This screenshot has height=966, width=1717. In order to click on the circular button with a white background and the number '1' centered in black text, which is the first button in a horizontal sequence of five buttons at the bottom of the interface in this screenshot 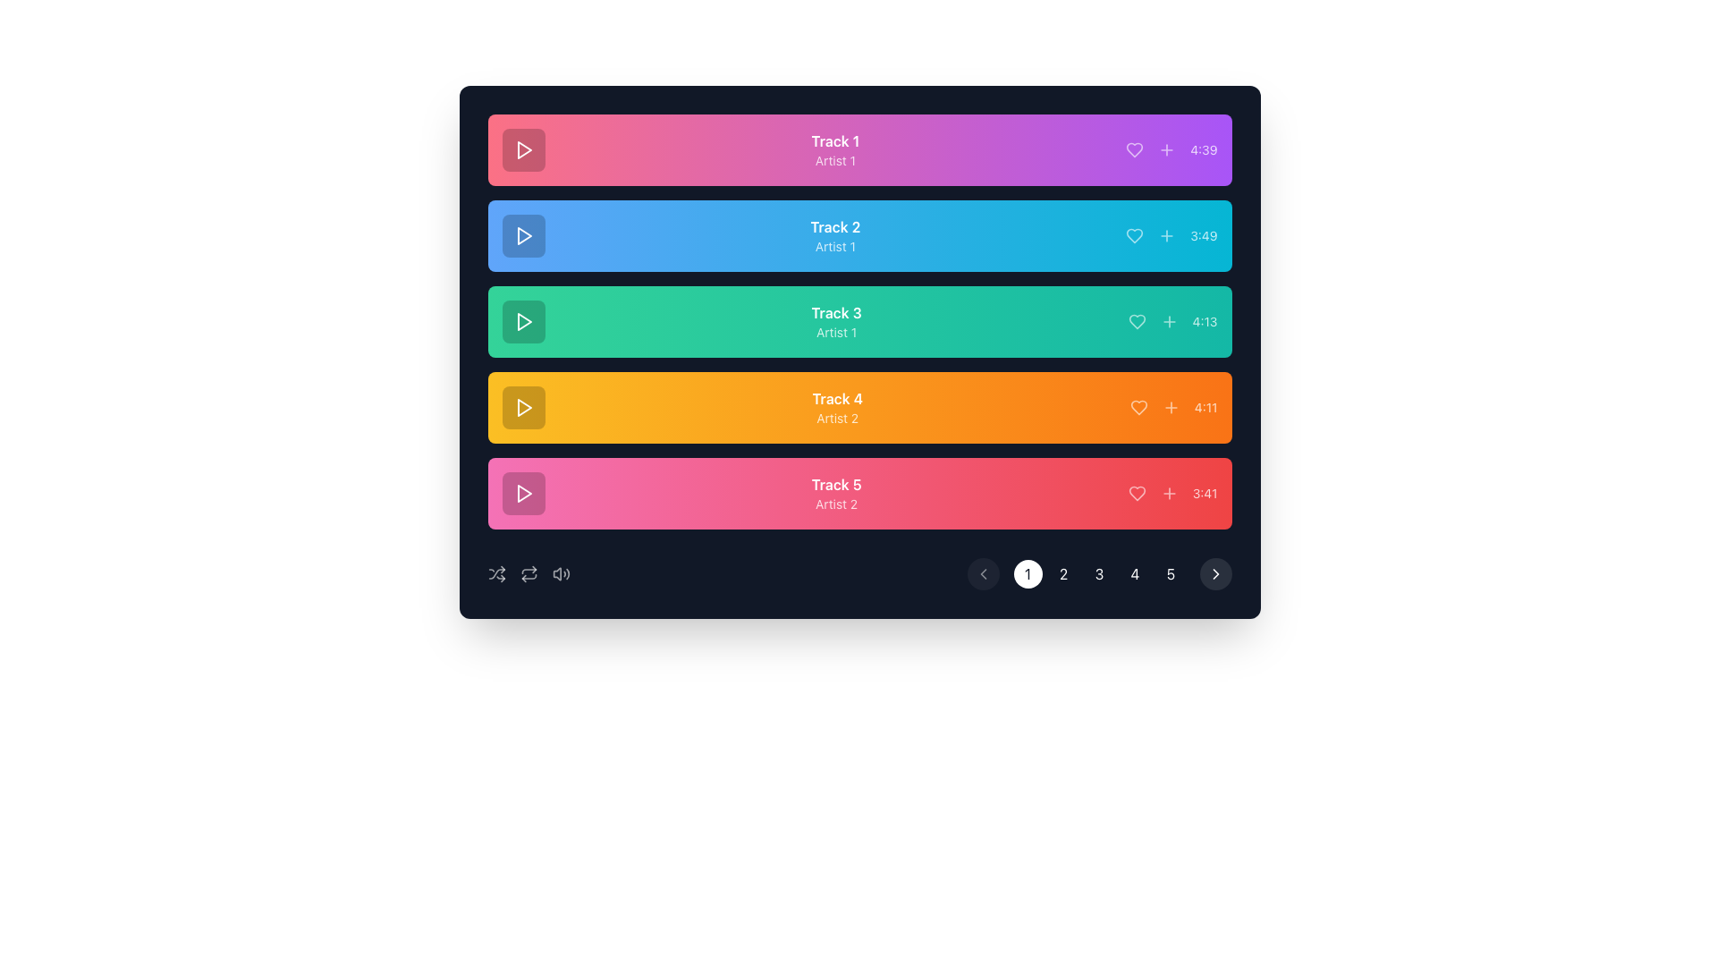, I will do `click(1028, 573)`.